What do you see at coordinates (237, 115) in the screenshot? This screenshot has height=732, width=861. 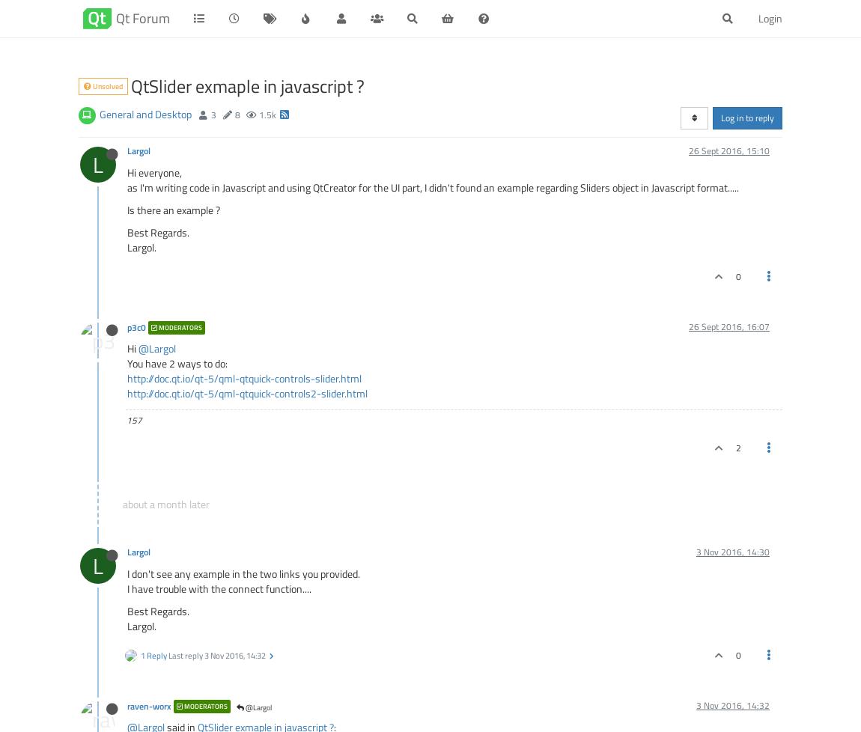 I see `'8'` at bounding box center [237, 115].